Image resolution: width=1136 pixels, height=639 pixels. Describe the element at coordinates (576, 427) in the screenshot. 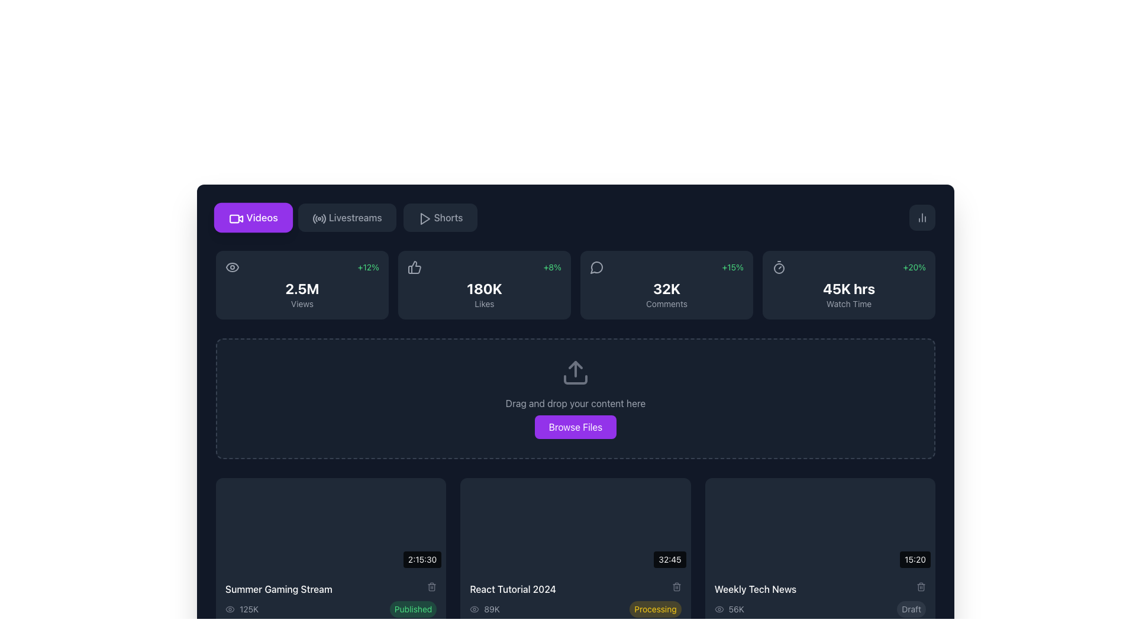

I see `the button located within the bordered section labeled 'Drag and drop your content here'` at that location.